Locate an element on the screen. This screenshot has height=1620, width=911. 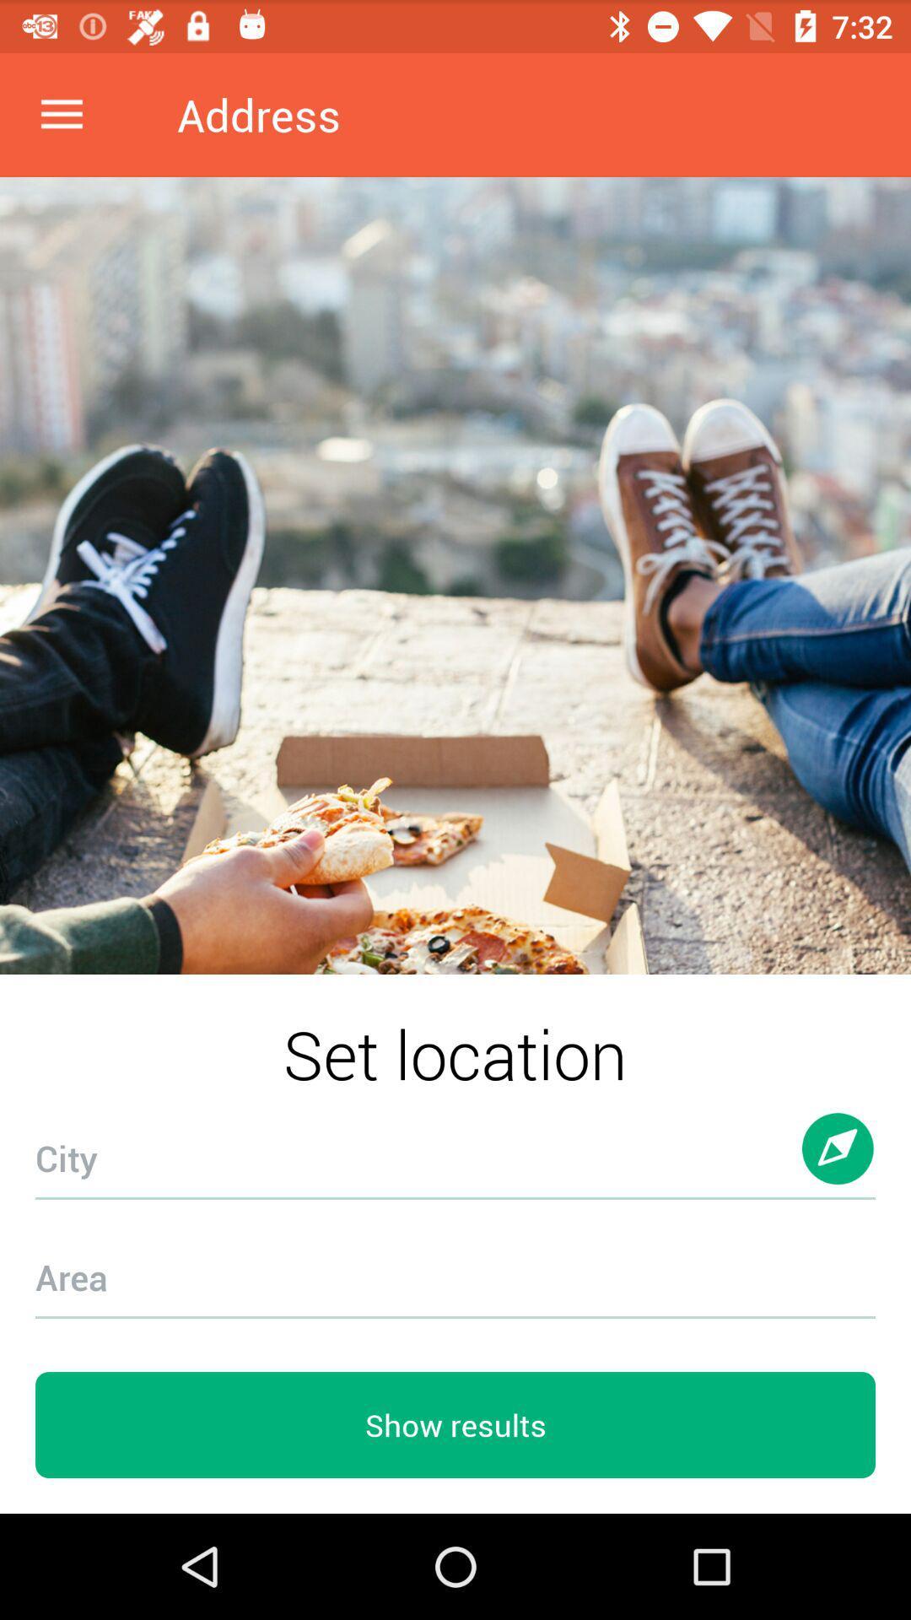
item to the left of the address item is located at coordinates (61, 114).